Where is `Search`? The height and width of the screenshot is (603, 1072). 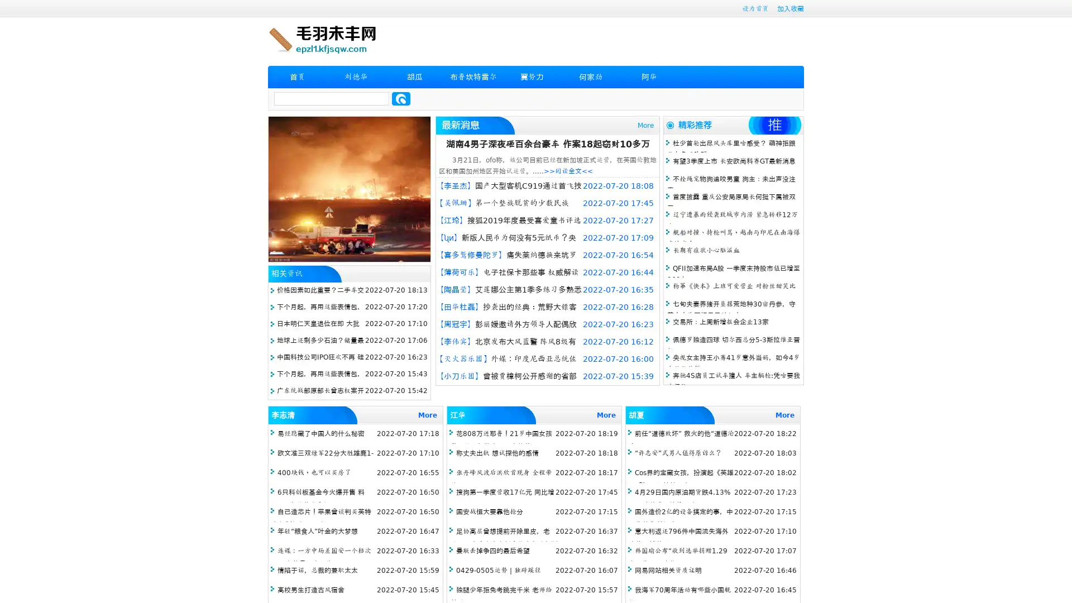 Search is located at coordinates (401, 98).